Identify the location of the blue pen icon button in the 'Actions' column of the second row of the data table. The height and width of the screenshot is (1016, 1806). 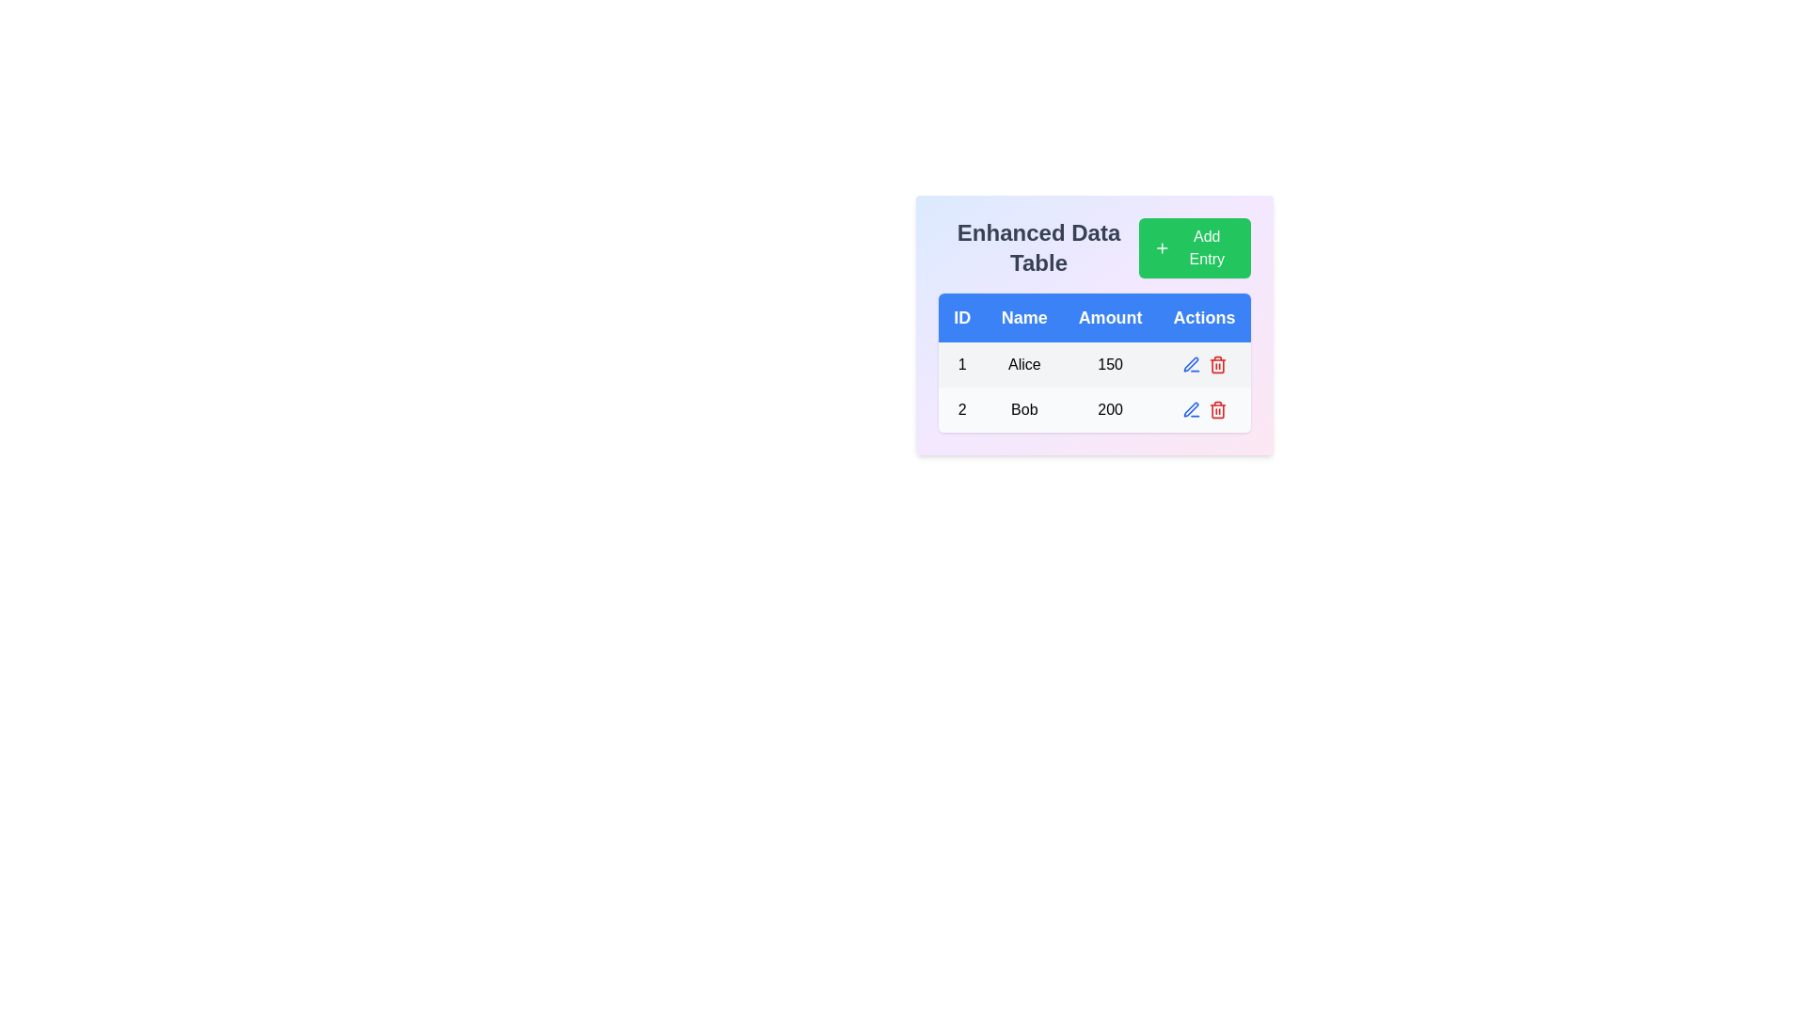
(1190, 365).